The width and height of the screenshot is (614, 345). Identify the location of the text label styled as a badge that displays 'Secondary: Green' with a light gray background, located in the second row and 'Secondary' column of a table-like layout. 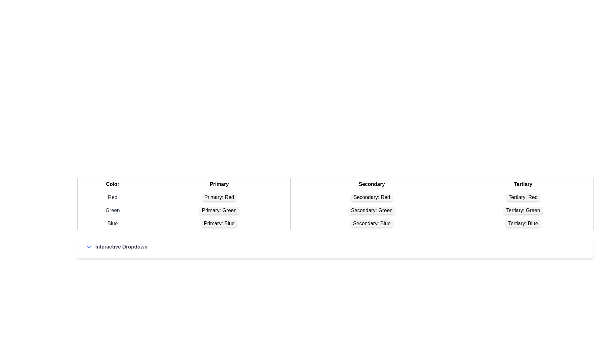
(372, 211).